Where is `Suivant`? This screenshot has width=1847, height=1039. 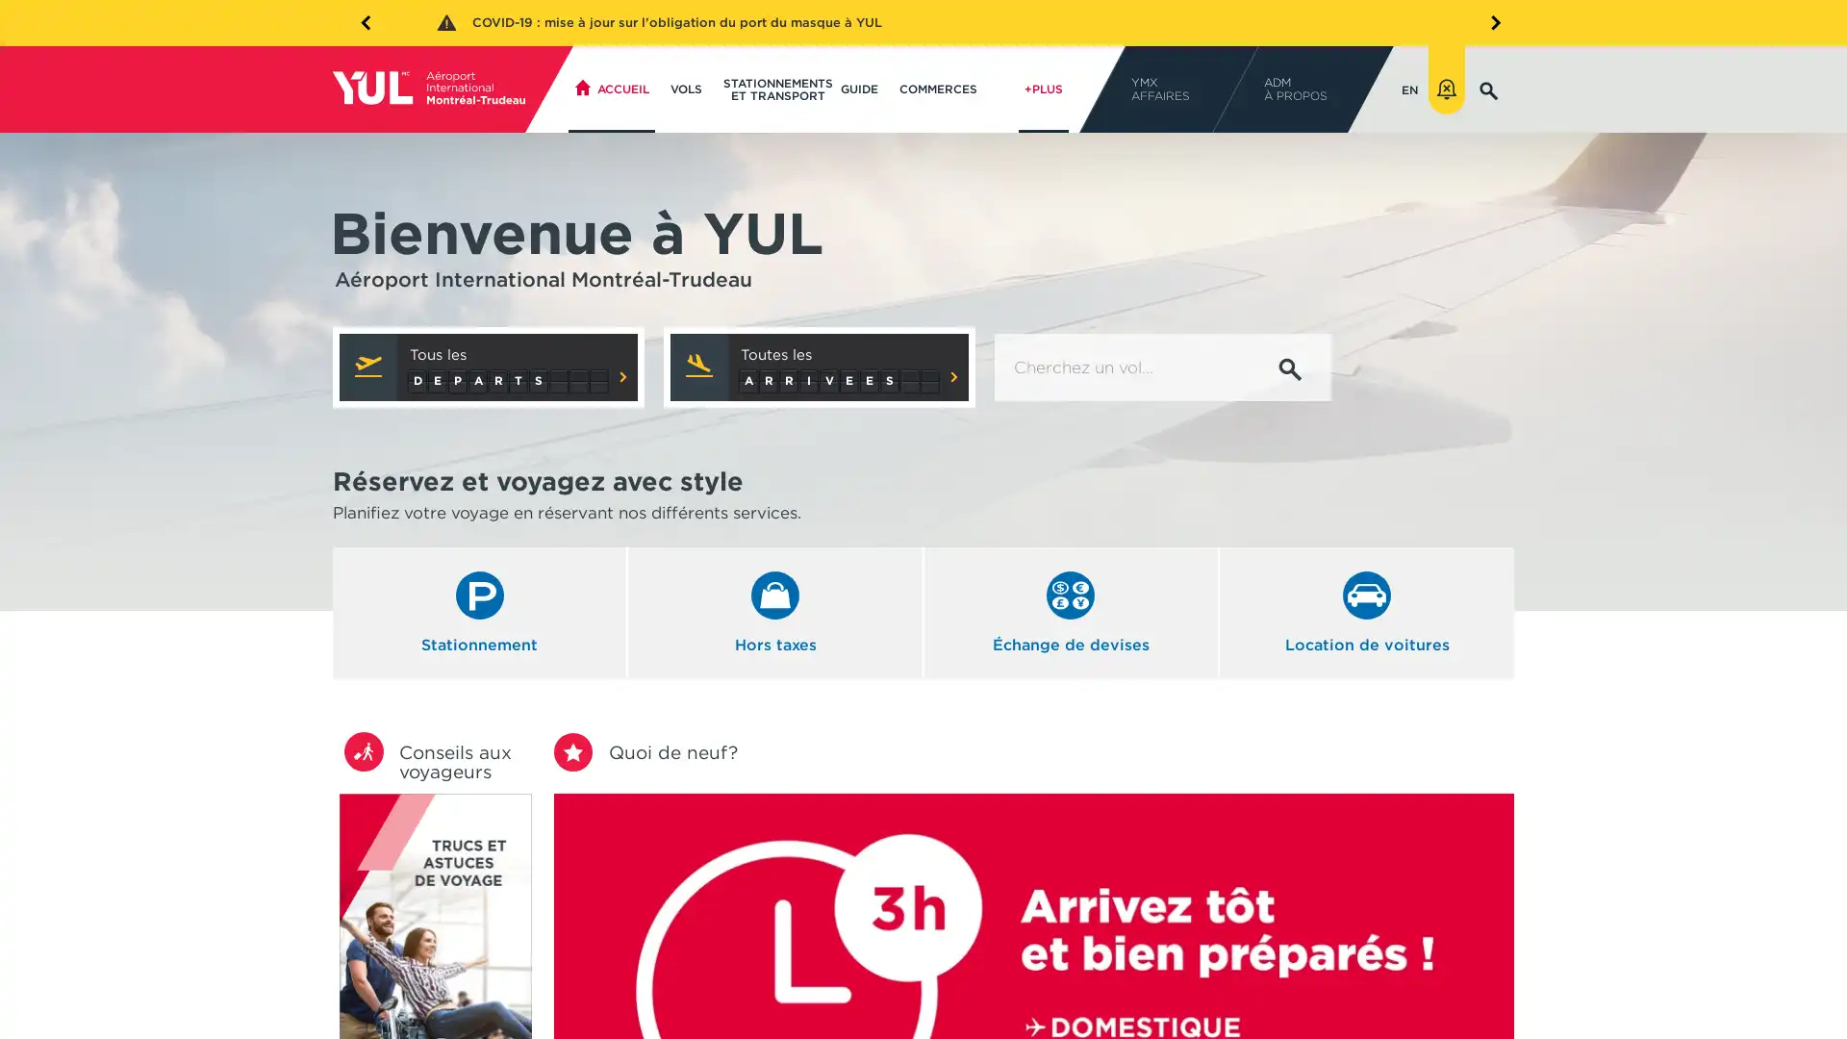
Suivant is located at coordinates (1489, 21).